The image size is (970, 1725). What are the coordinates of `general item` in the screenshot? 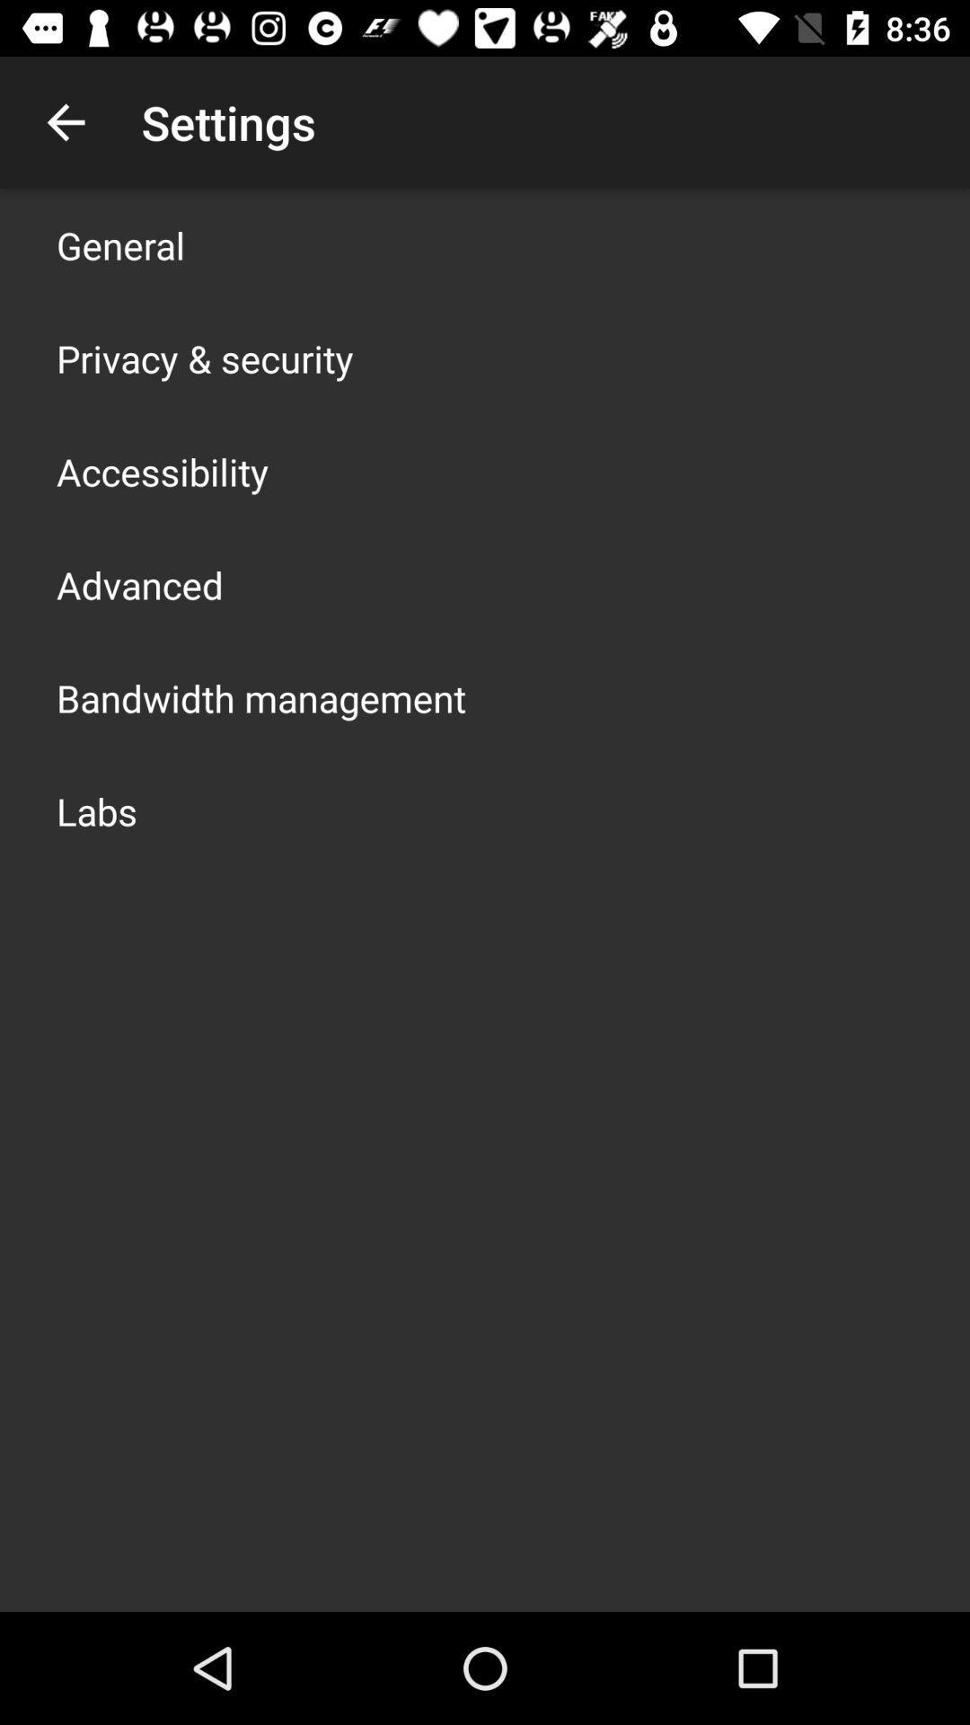 It's located at (120, 244).